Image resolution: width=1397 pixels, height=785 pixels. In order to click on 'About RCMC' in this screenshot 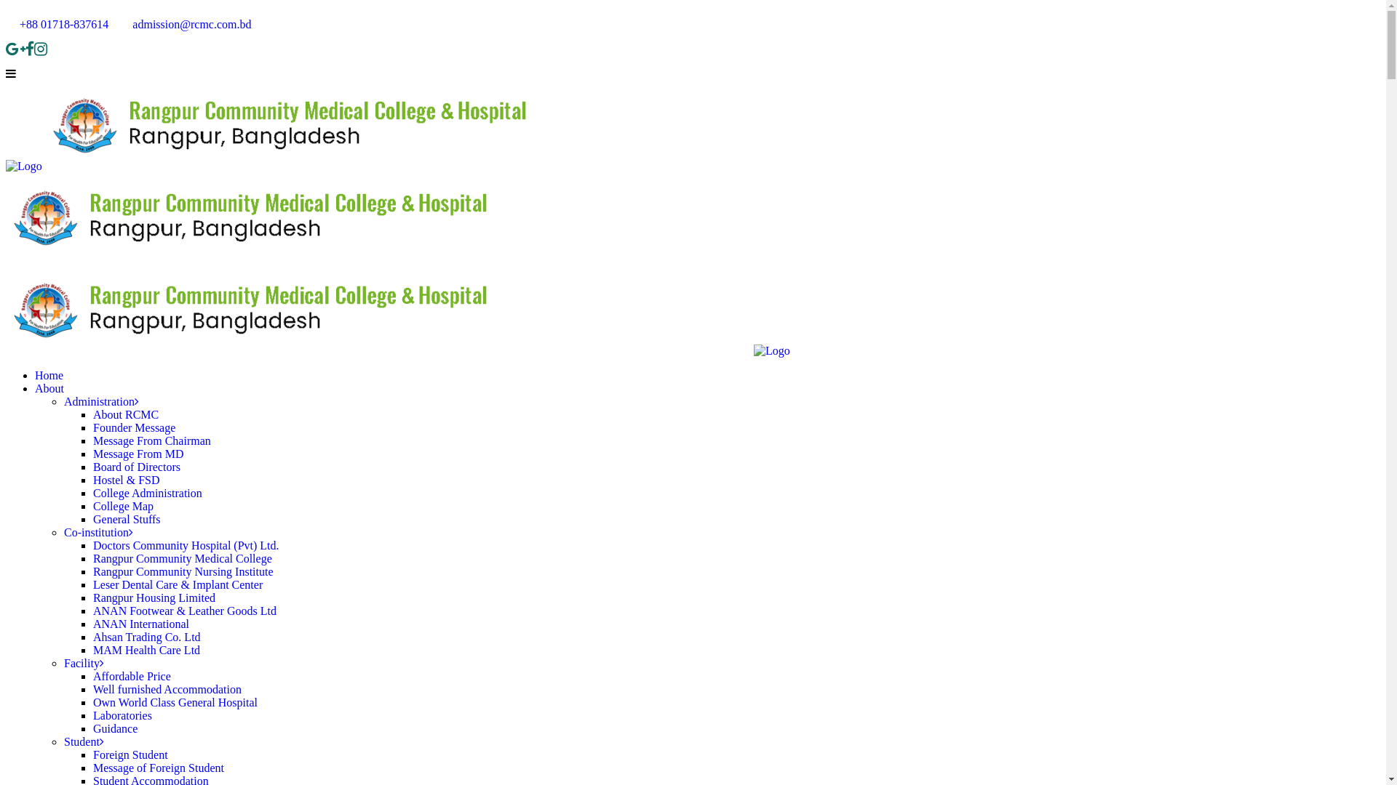, I will do `click(125, 414)`.